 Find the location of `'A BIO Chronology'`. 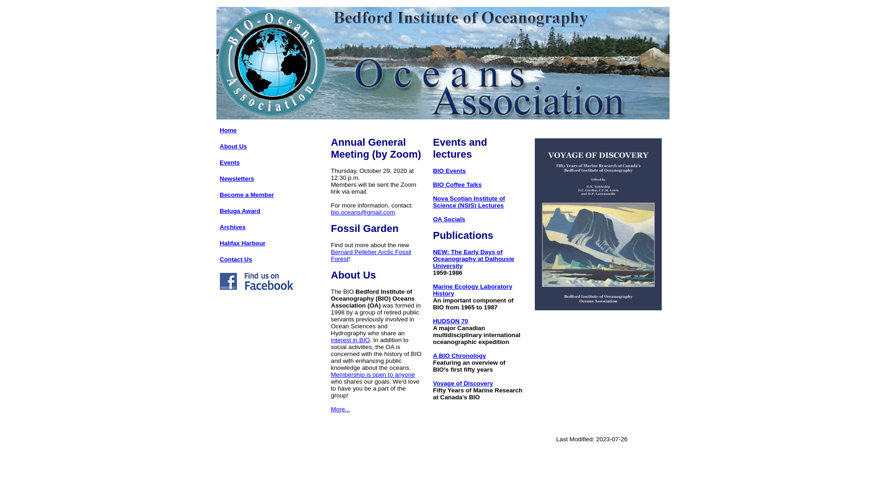

'A BIO Chronology' is located at coordinates (459, 355).